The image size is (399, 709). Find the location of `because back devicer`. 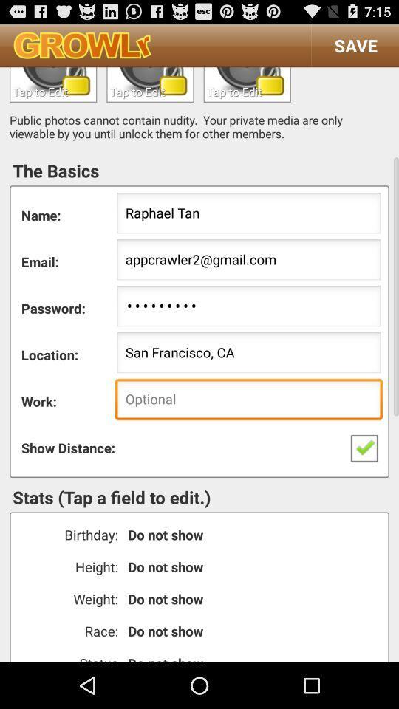

because back devicer is located at coordinates (52, 84).